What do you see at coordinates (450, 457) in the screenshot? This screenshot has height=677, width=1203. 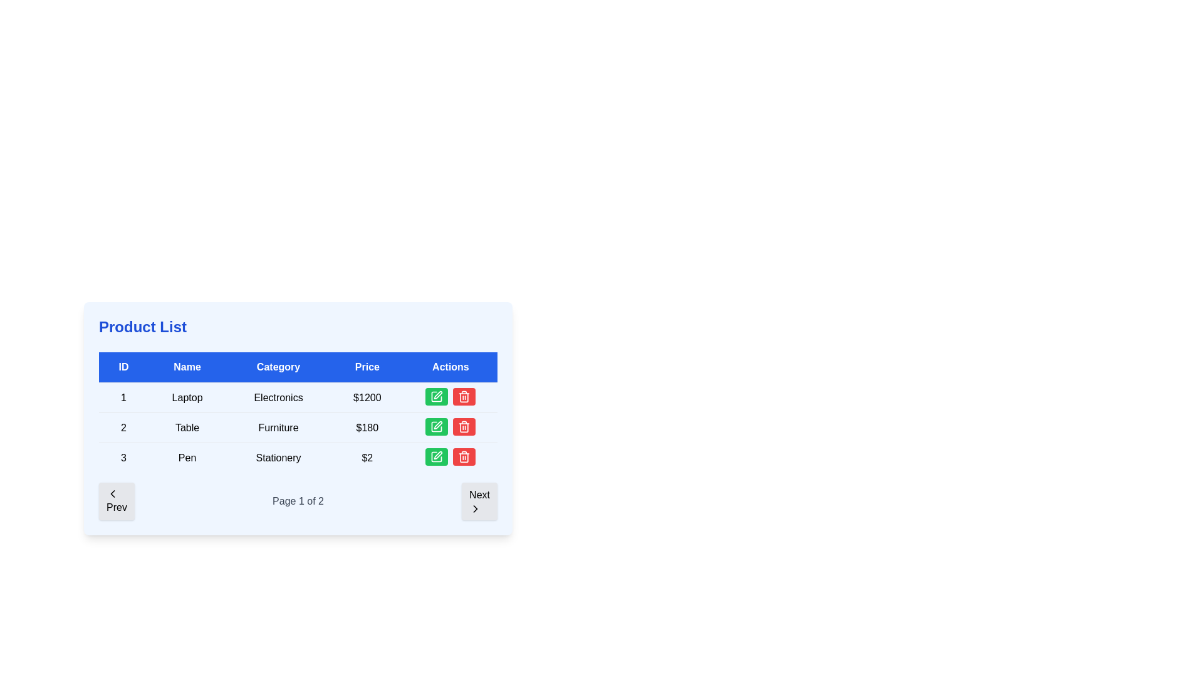 I see `the green edit button located in the 'Actions' column of the last row in the table, which contains information about the 'Pen' item` at bounding box center [450, 457].